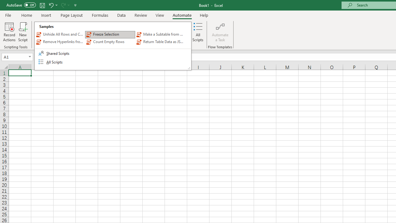  Describe the element at coordinates (21, 5) in the screenshot. I see `'AutoSave'` at that location.